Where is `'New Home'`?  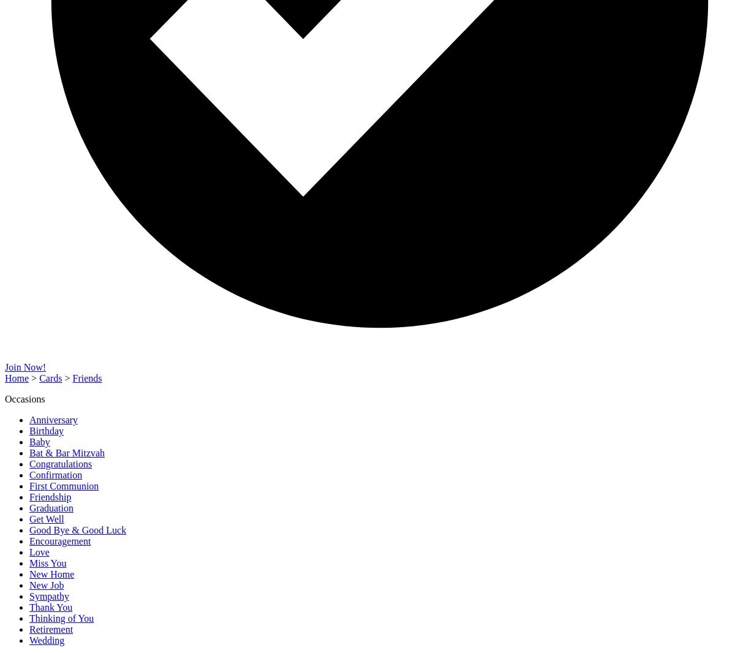
'New Home' is located at coordinates (29, 574).